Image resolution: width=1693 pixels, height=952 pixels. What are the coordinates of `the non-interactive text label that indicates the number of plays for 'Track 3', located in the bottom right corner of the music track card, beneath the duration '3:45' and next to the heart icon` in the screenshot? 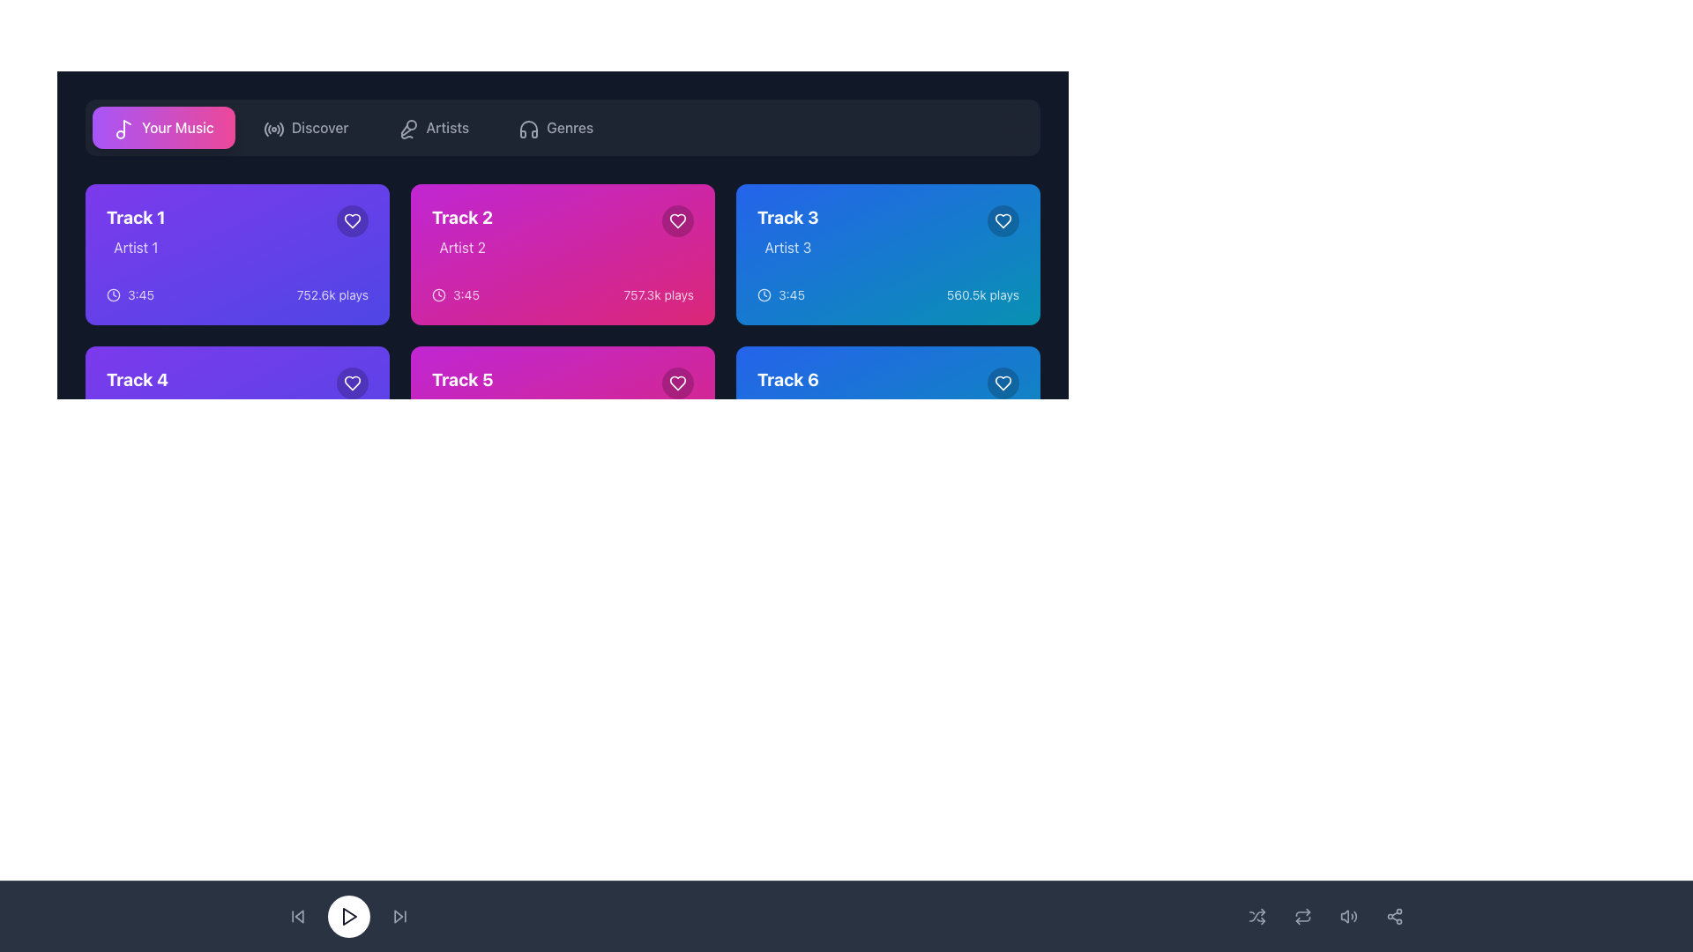 It's located at (981, 294).